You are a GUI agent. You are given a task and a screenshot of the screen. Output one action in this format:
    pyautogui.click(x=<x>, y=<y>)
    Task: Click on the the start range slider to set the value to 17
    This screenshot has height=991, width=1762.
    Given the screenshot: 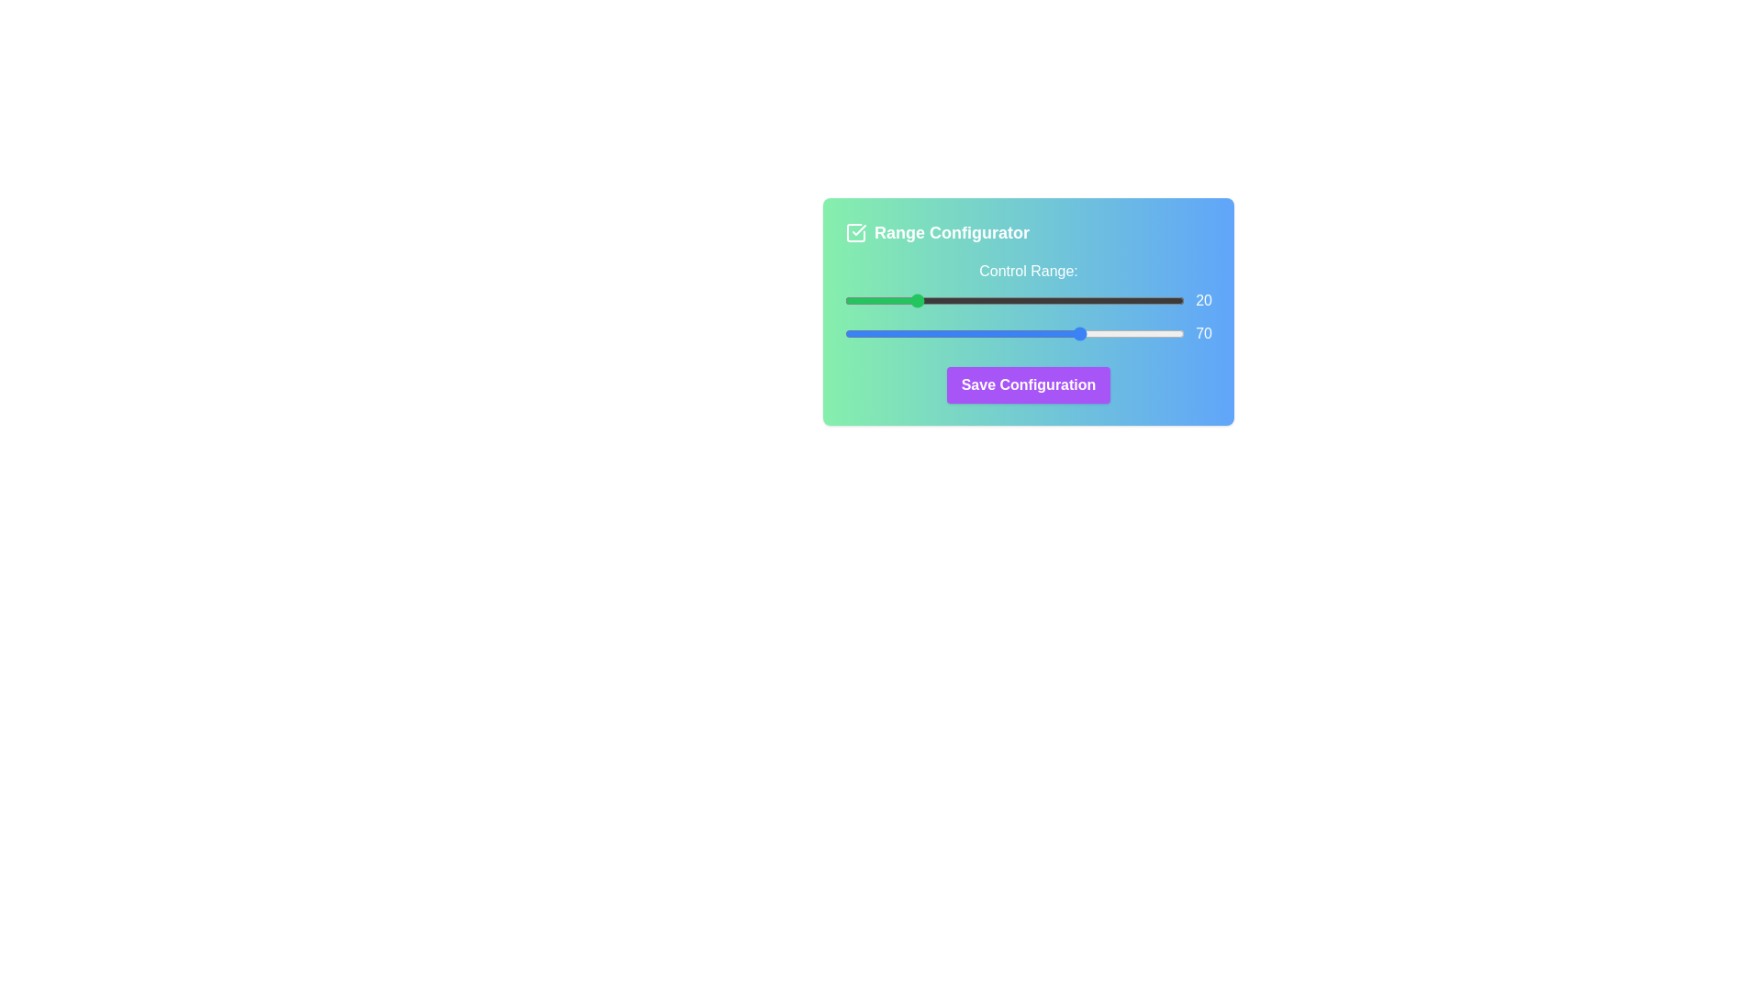 What is the action you would take?
    pyautogui.click(x=902, y=299)
    